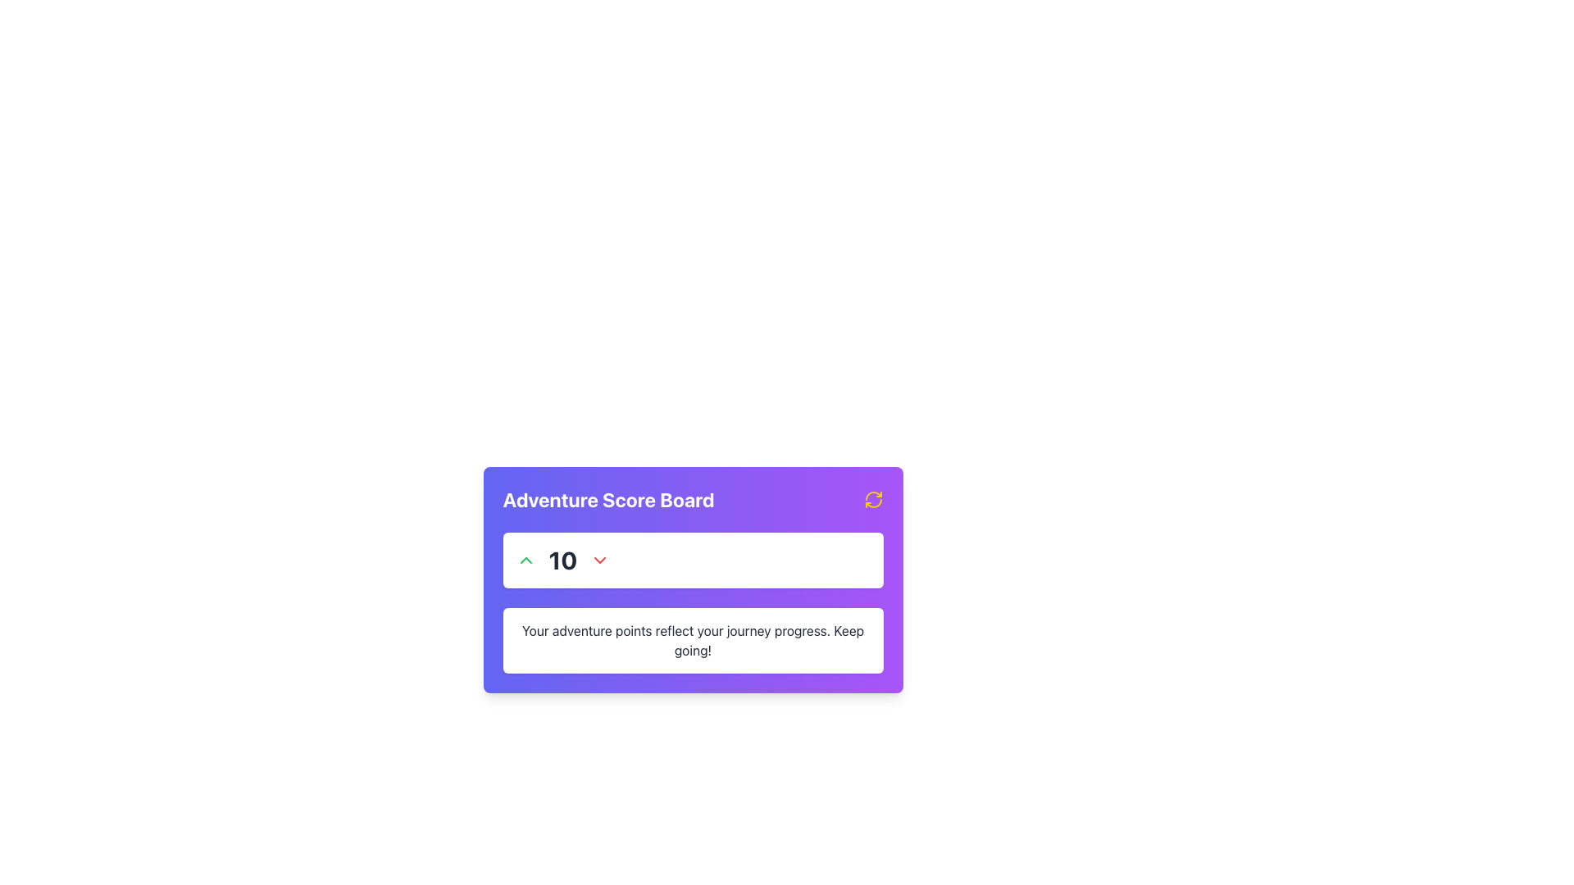 The height and width of the screenshot is (885, 1574). Describe the element at coordinates (693, 640) in the screenshot. I see `the Text Label that provides an explanation or motivational message related to the displayed score, located within a white, rounded card component, positioned centrally below the score display` at that location.